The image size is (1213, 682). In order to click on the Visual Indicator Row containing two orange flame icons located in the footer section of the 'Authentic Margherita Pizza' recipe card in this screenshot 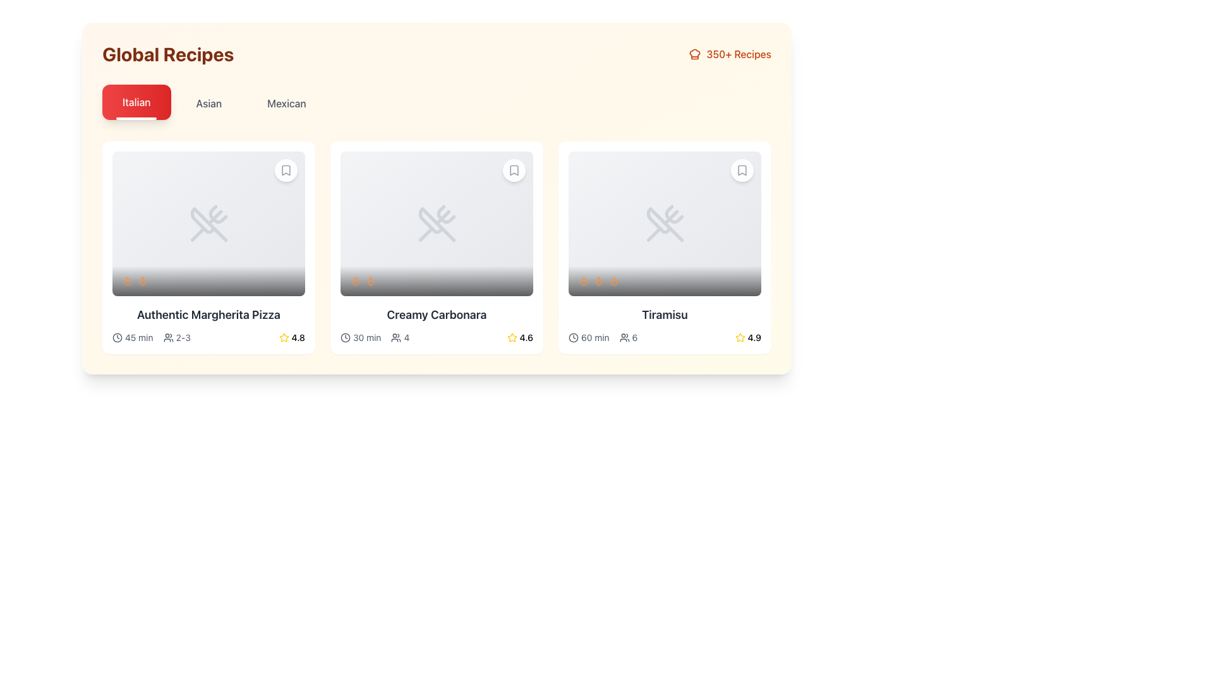, I will do `click(208, 280)`.